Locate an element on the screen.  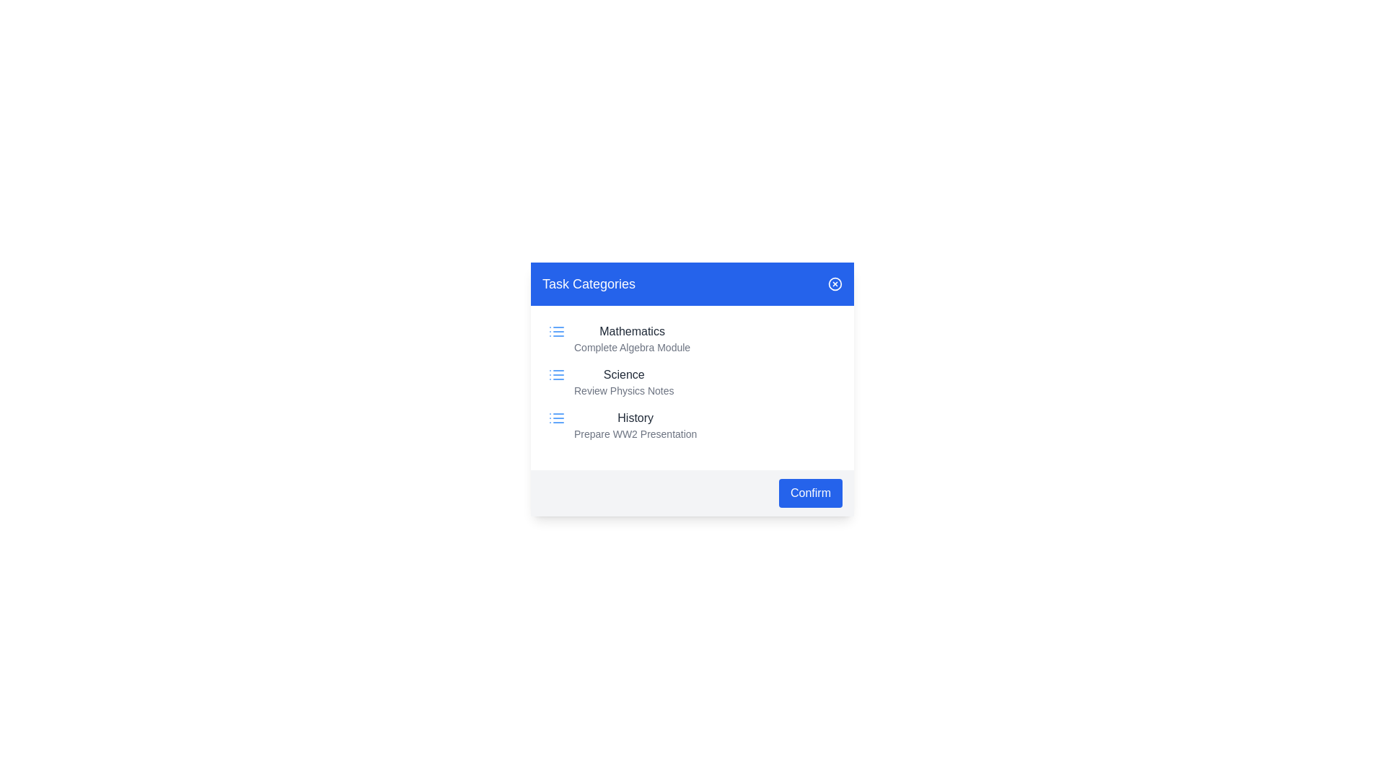
the icon next to the category Science is located at coordinates (556, 374).